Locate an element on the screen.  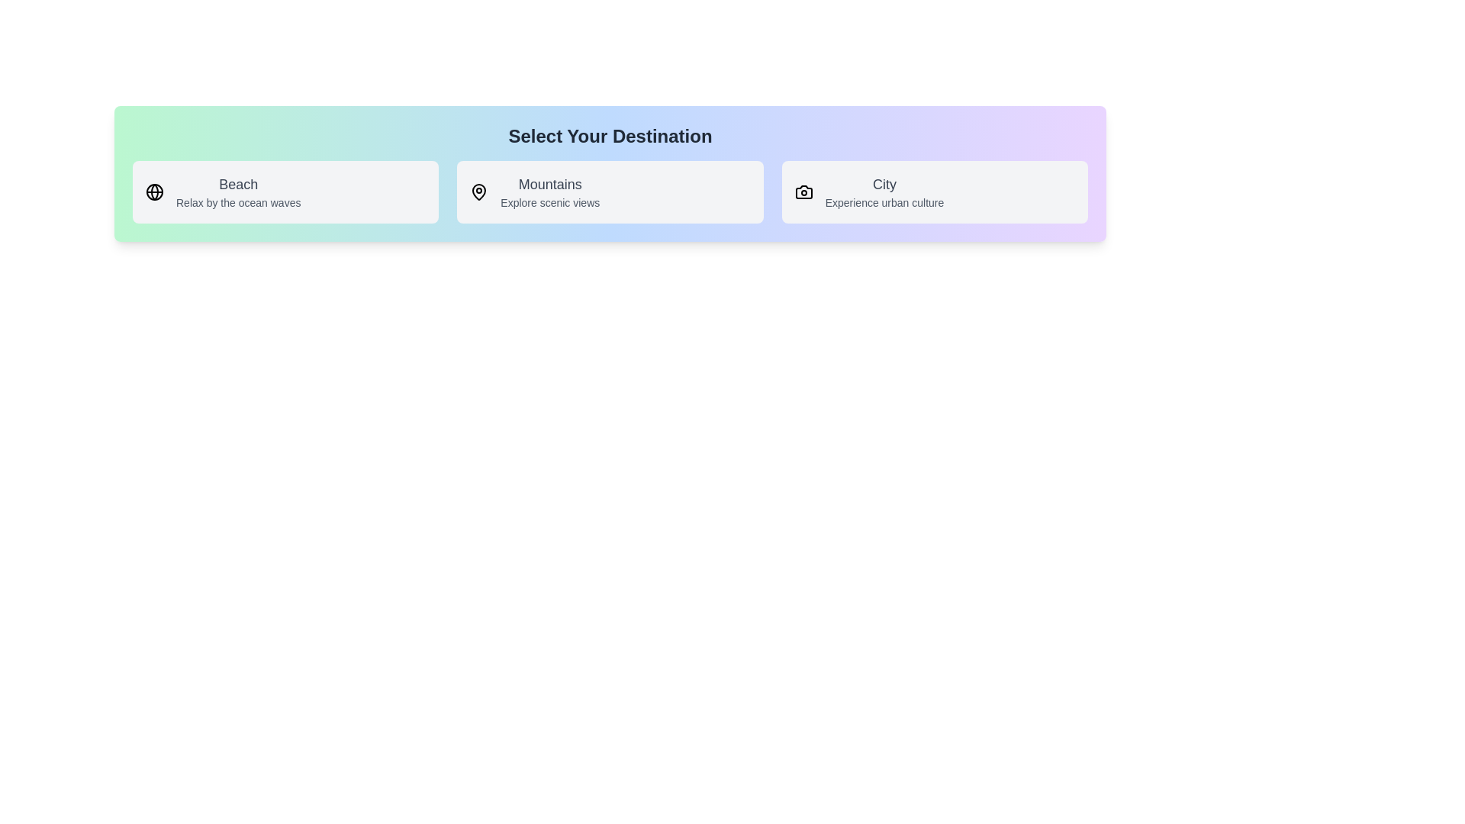
the Text Display element that features 'City' in a larger, bold font and 'Experience urban culture' in a smaller font, located in the rightmost card of a three-card layout is located at coordinates (884, 191).